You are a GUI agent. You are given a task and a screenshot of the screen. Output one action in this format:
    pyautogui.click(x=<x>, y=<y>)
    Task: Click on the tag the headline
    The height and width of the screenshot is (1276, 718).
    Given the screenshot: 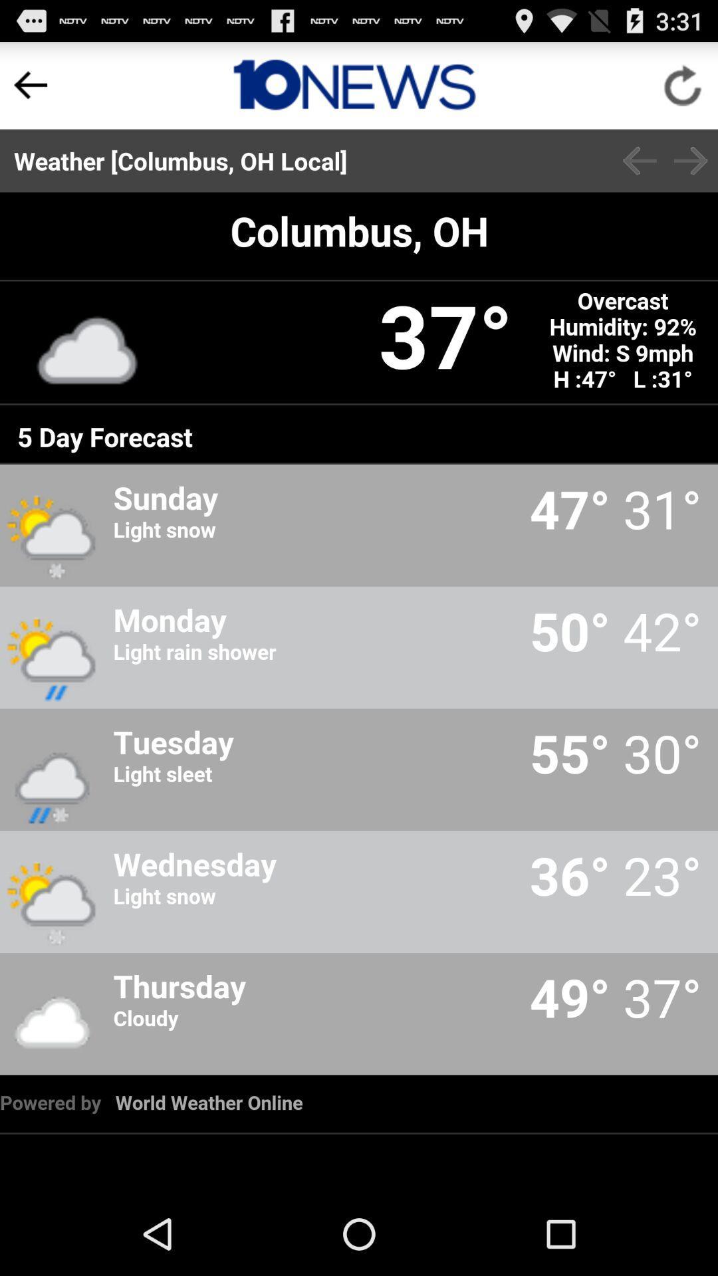 What is the action you would take?
    pyautogui.click(x=354, y=84)
    